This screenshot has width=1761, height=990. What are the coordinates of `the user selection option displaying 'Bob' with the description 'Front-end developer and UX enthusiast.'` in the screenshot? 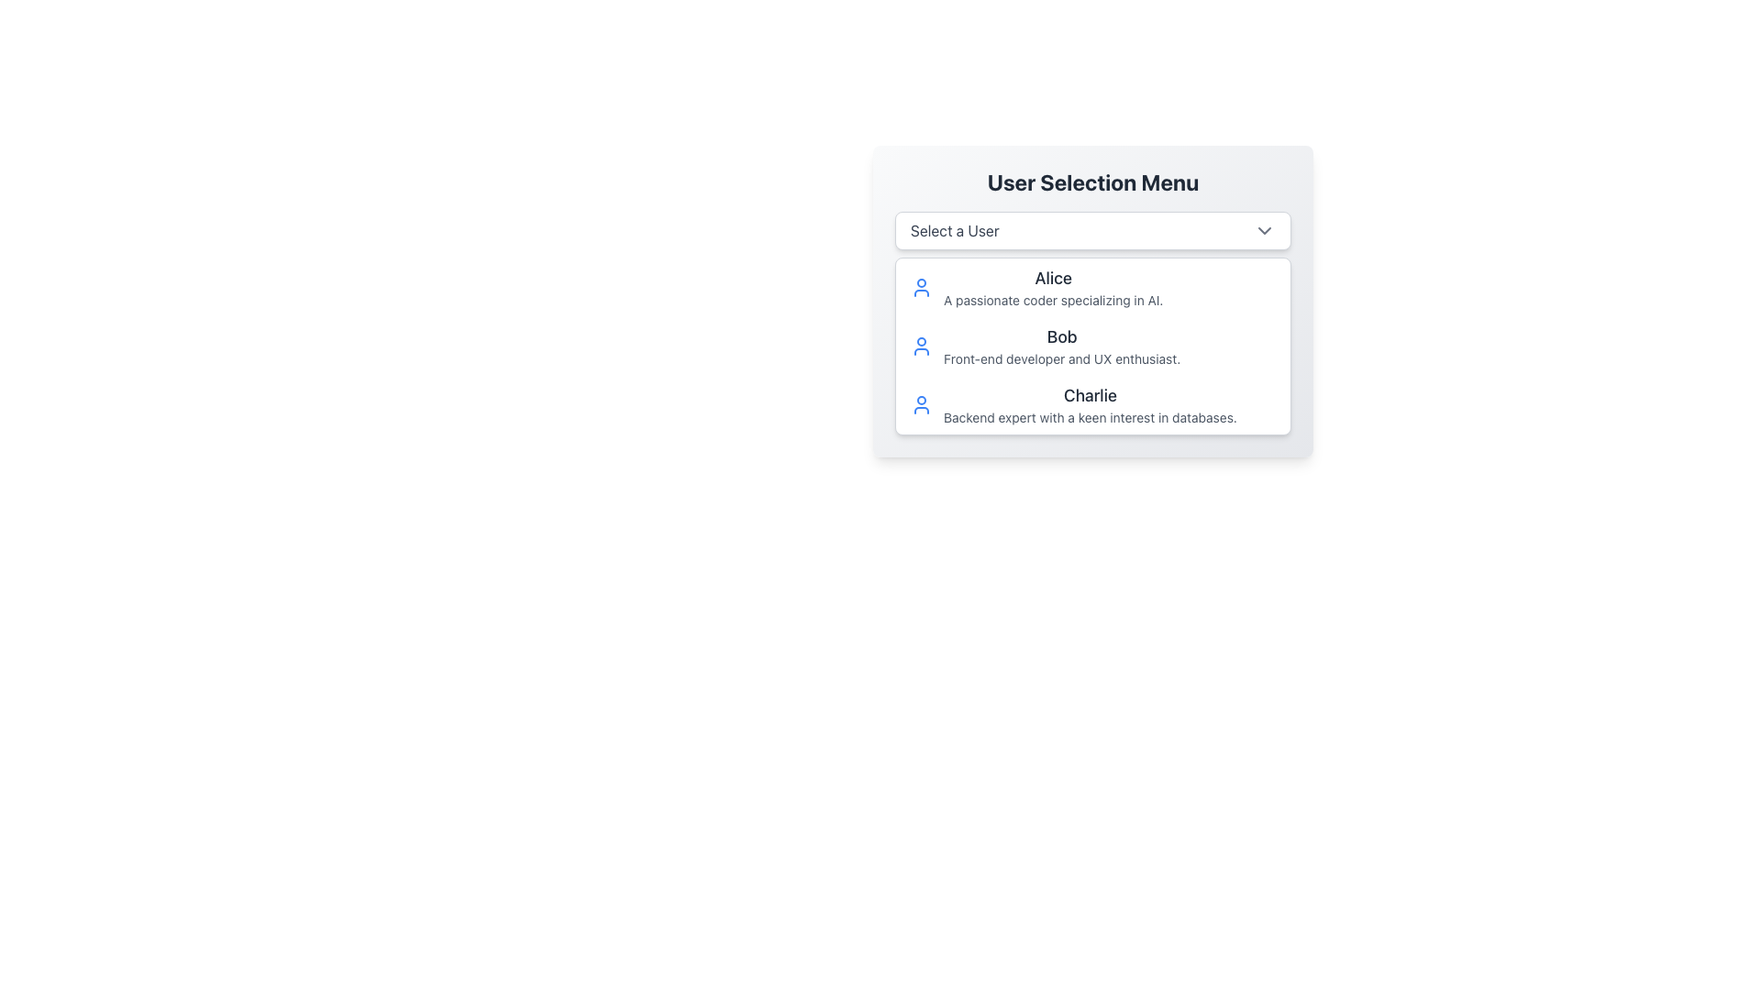 It's located at (1062, 346).